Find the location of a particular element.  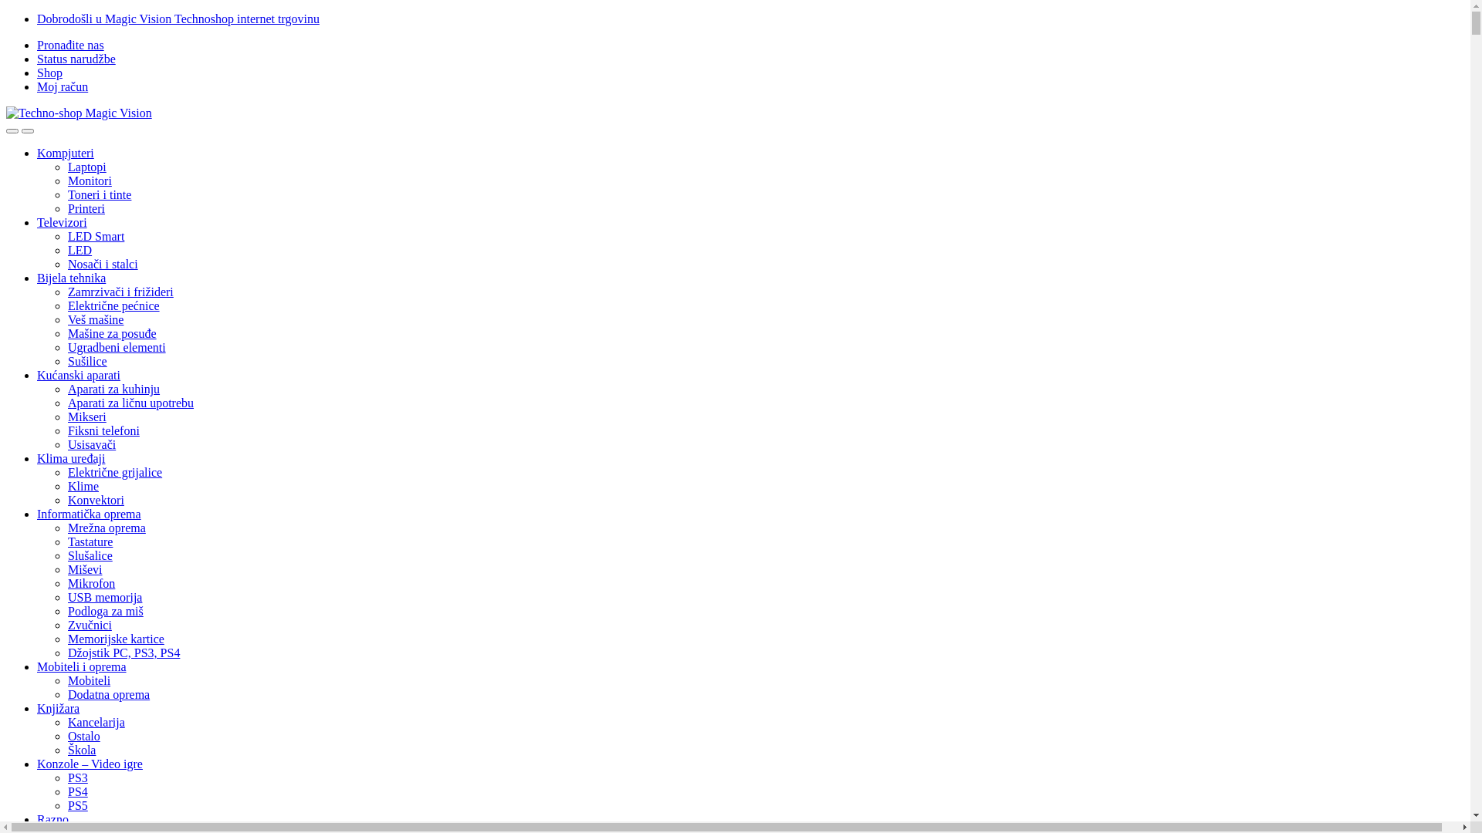

'PS5' is located at coordinates (76, 804).